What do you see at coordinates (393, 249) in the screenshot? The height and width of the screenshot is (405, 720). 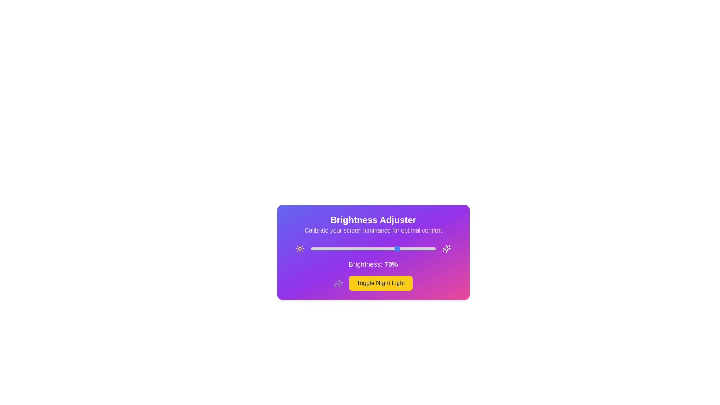 I see `the brightness slider to 66%` at bounding box center [393, 249].